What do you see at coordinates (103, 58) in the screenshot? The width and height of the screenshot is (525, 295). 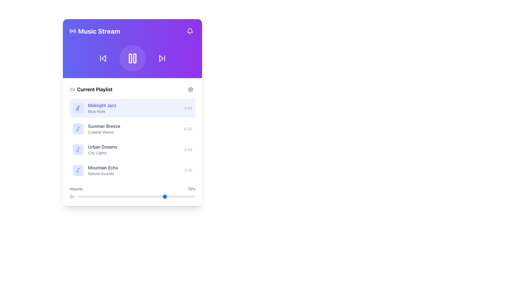 I see `the button located in the header section of the application to skip back to the previous track in the music playlist` at bounding box center [103, 58].